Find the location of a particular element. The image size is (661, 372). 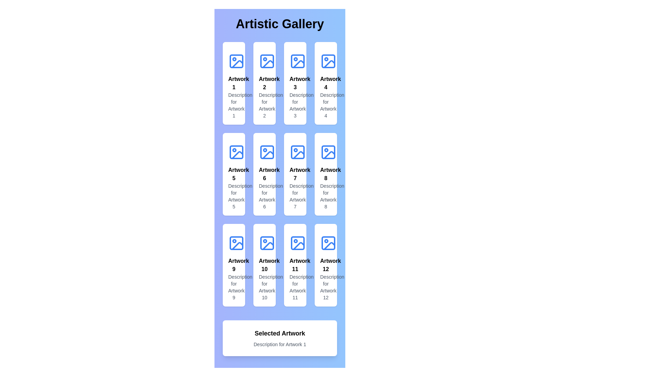

the text label displaying 'Artwork 12', which is styled with a bold font and is center-aligned, located in the bottom-right card of a grid layout is located at coordinates (325, 265).